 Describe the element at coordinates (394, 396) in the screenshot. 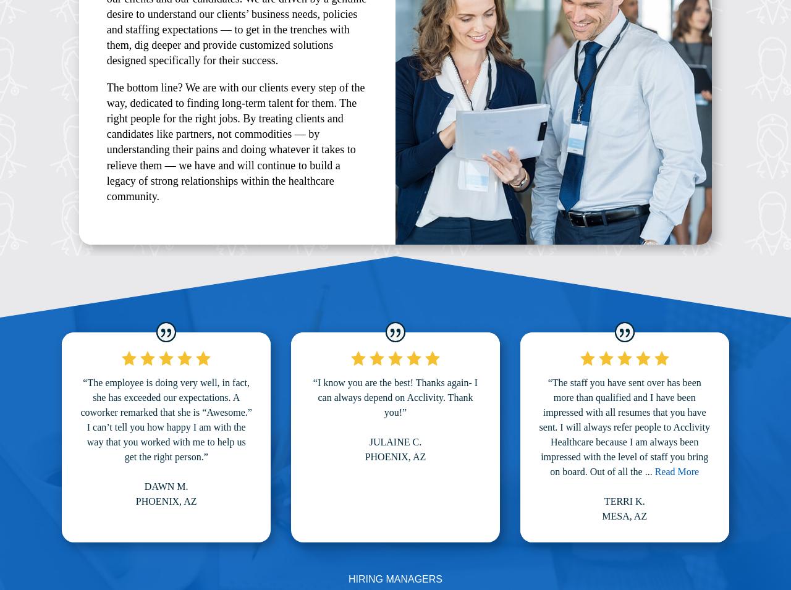

I see `'“​I know you are the best! Thanks again- I can always depend on Acclivity. Thank you!”'` at that location.